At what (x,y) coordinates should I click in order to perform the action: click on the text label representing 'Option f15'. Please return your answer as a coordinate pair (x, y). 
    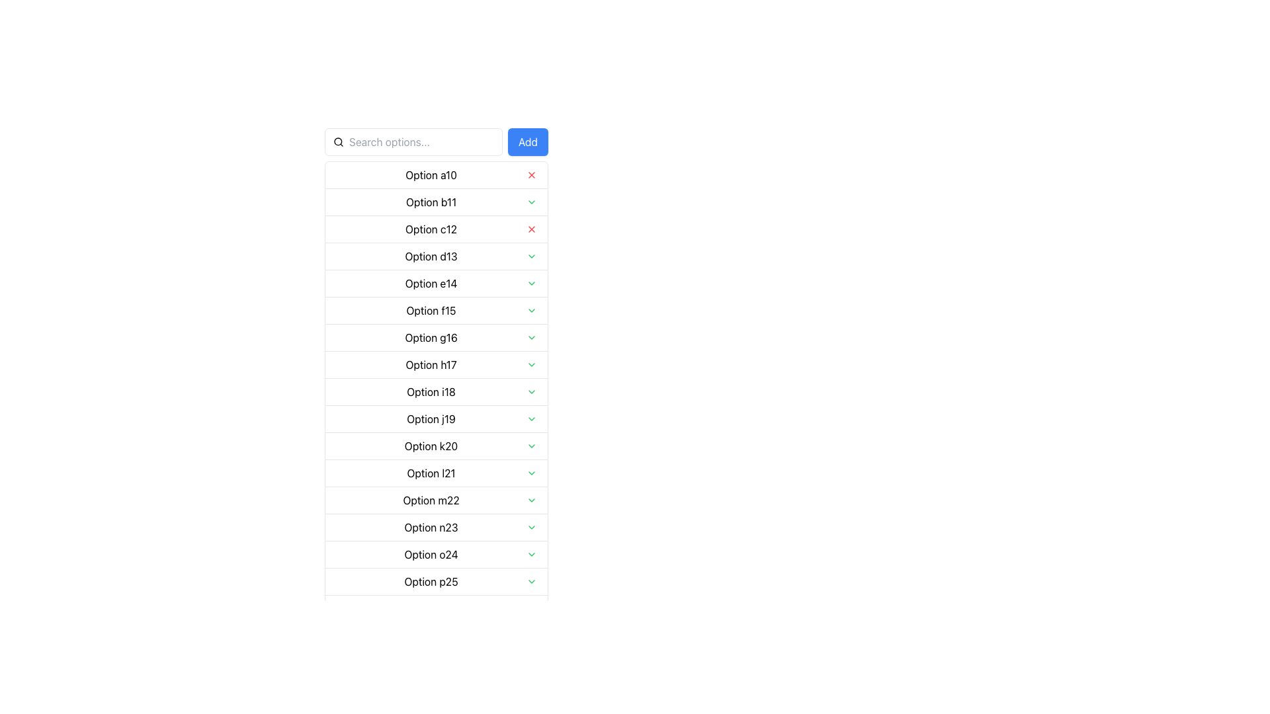
    Looking at the image, I should click on (431, 311).